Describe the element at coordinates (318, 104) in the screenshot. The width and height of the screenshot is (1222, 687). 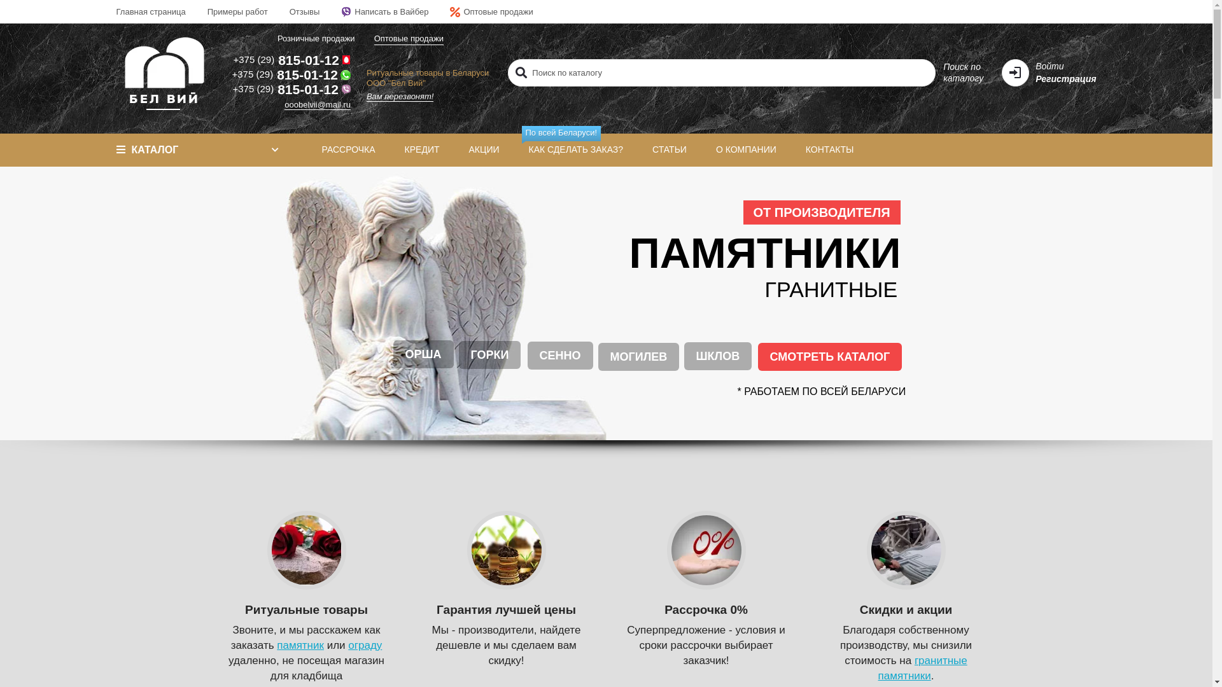
I see `'ooobelvii@mail.ru'` at that location.